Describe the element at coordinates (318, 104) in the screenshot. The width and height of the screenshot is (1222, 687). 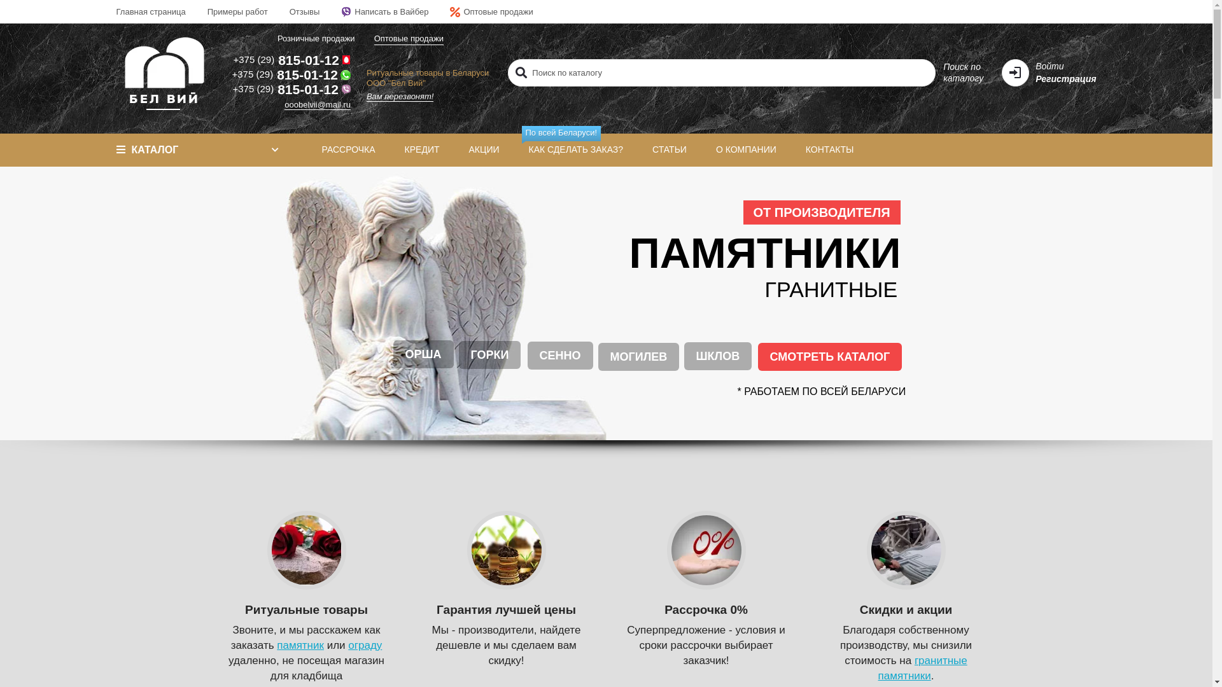
I see `'ooobelvii@mail.ru'` at that location.